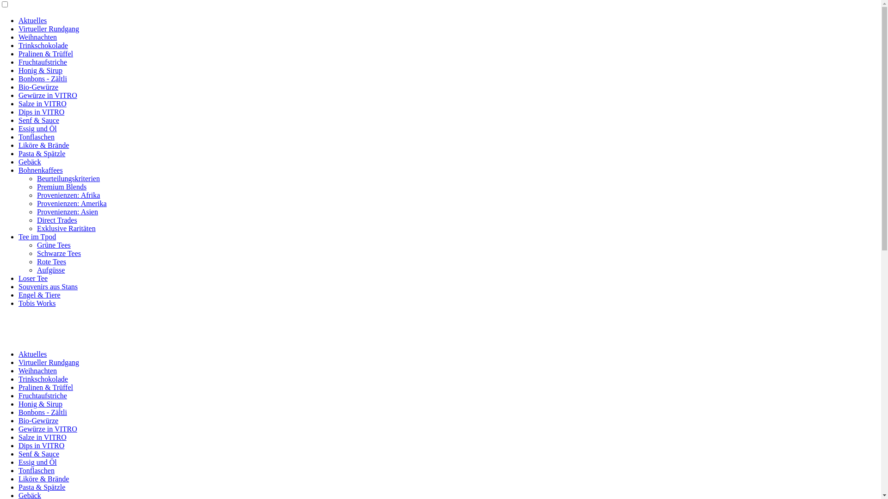 The height and width of the screenshot is (499, 888). Describe the element at coordinates (43, 379) in the screenshot. I see `'Trinkschokolade'` at that location.